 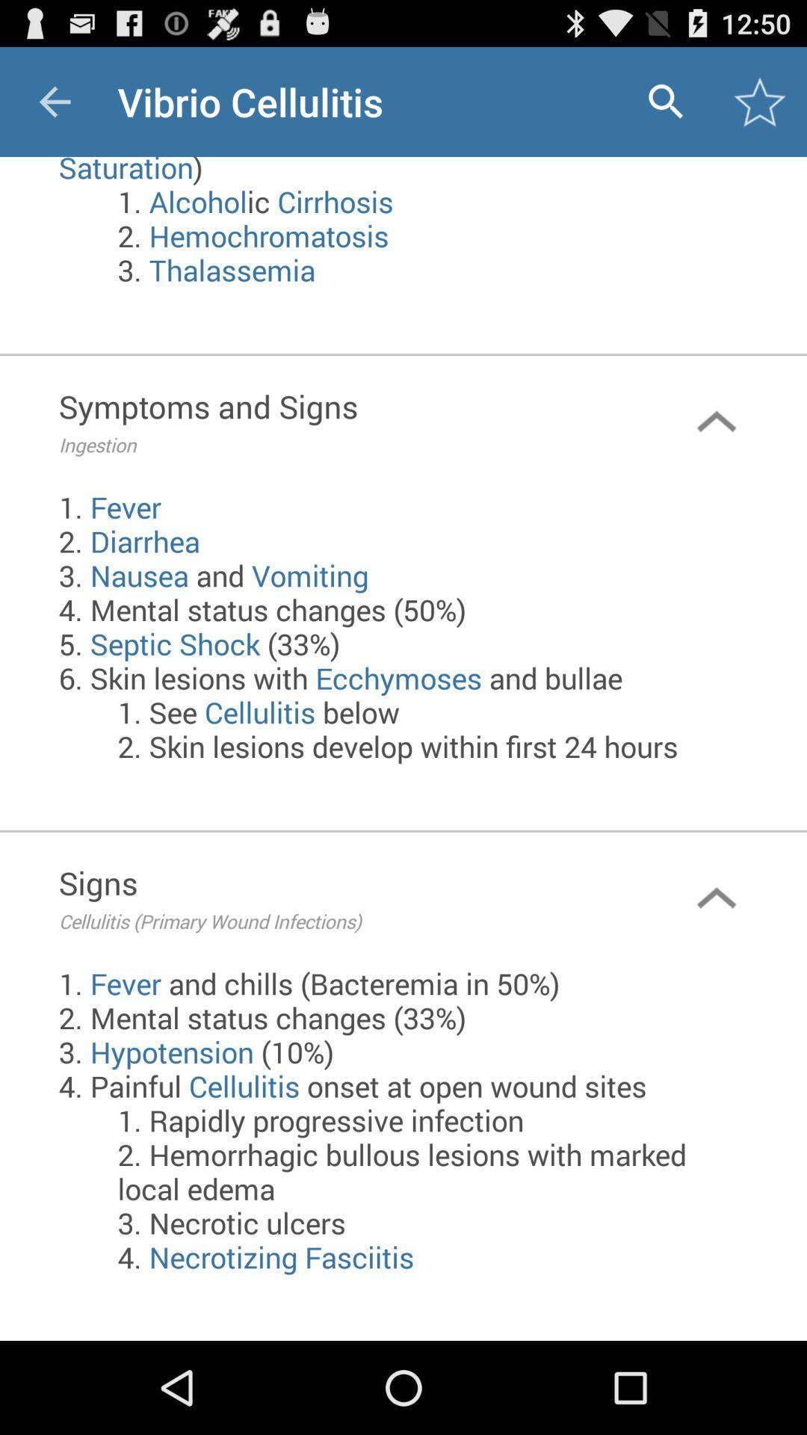 I want to click on icon next to the vibrio cellulitis item, so click(x=665, y=101).